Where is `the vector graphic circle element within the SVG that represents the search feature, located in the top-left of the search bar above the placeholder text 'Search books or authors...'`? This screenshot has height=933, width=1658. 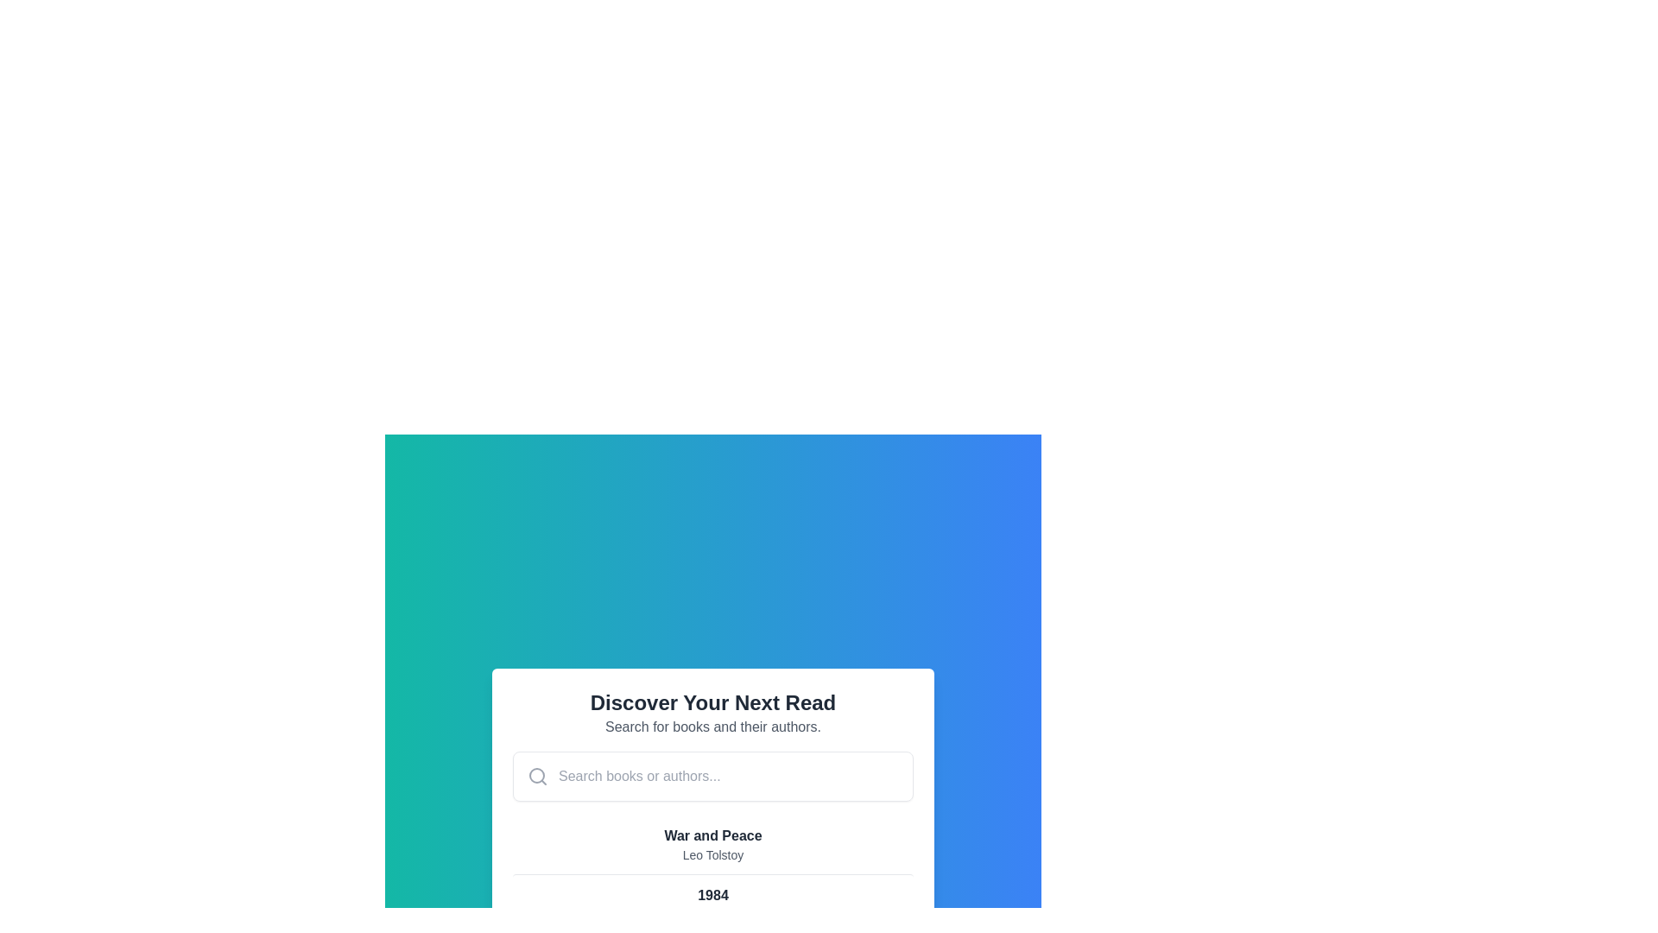 the vector graphic circle element within the SVG that represents the search feature, located in the top-left of the search bar above the placeholder text 'Search books or authors...' is located at coordinates (536, 775).